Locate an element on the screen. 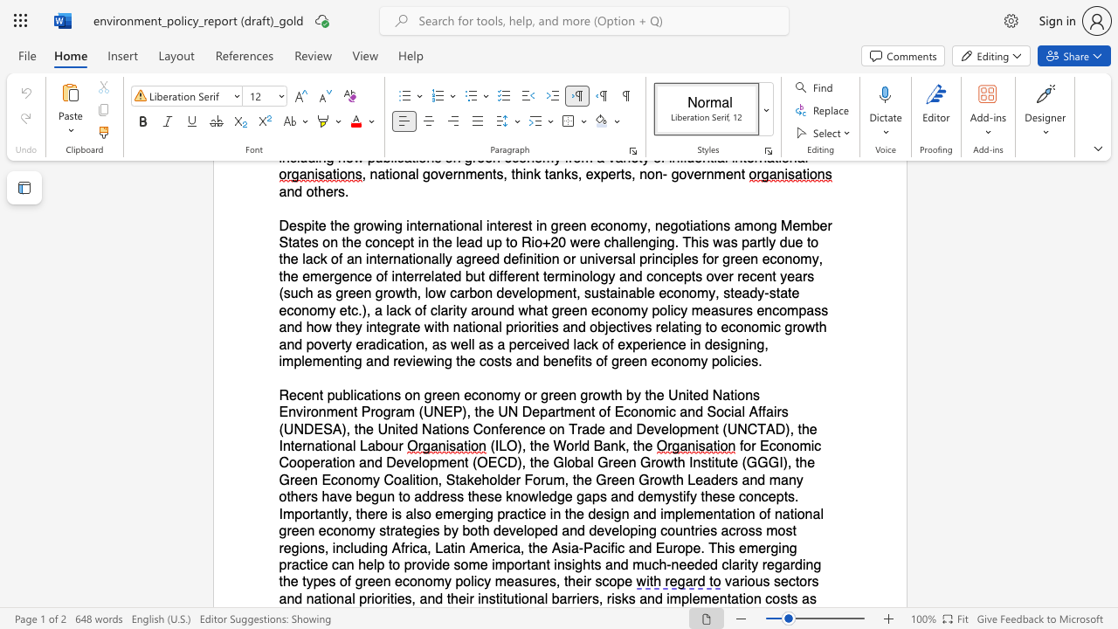 Image resolution: width=1118 pixels, height=629 pixels. the subset text "various sectors and national priorities, a" within the text "various sectors and national priorities, and their institutional barriers," is located at coordinates (724, 582).